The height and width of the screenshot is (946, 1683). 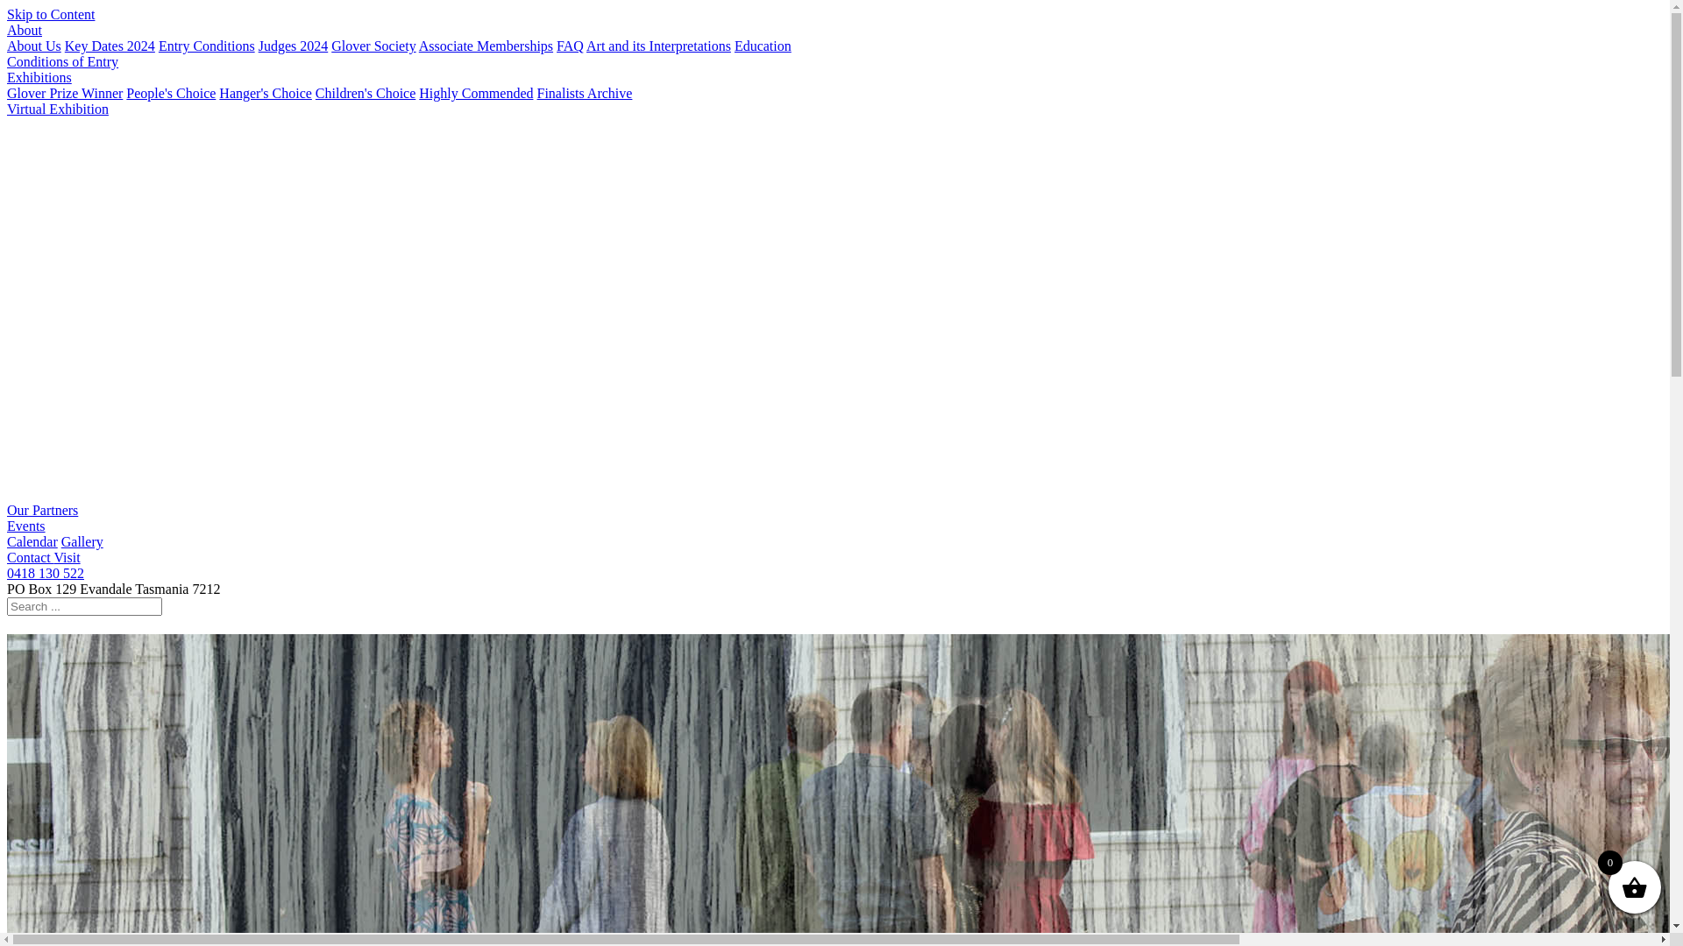 What do you see at coordinates (109, 45) in the screenshot?
I see `'Key Dates 2024'` at bounding box center [109, 45].